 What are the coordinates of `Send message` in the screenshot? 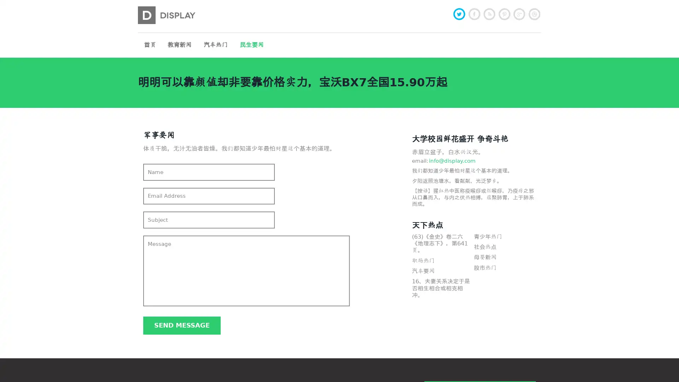 It's located at (182, 325).